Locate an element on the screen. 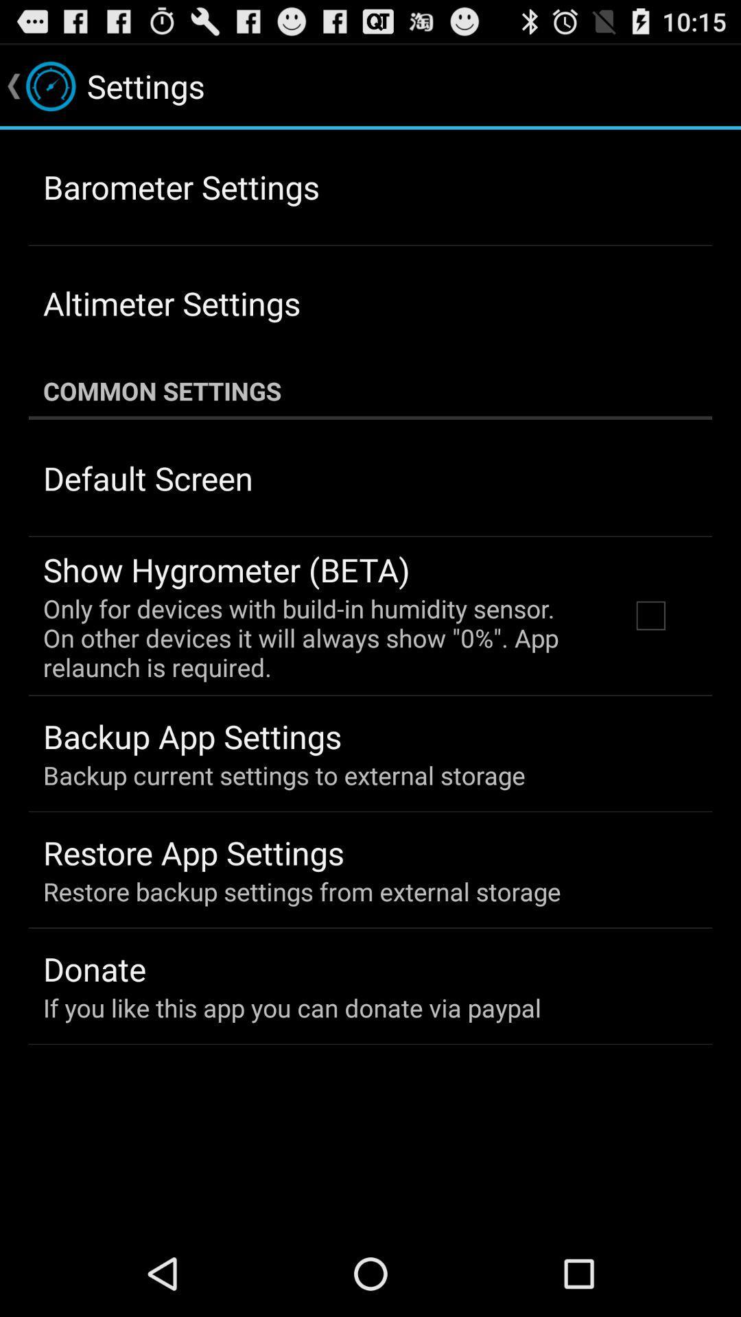  item below default screen icon is located at coordinates (226, 569).